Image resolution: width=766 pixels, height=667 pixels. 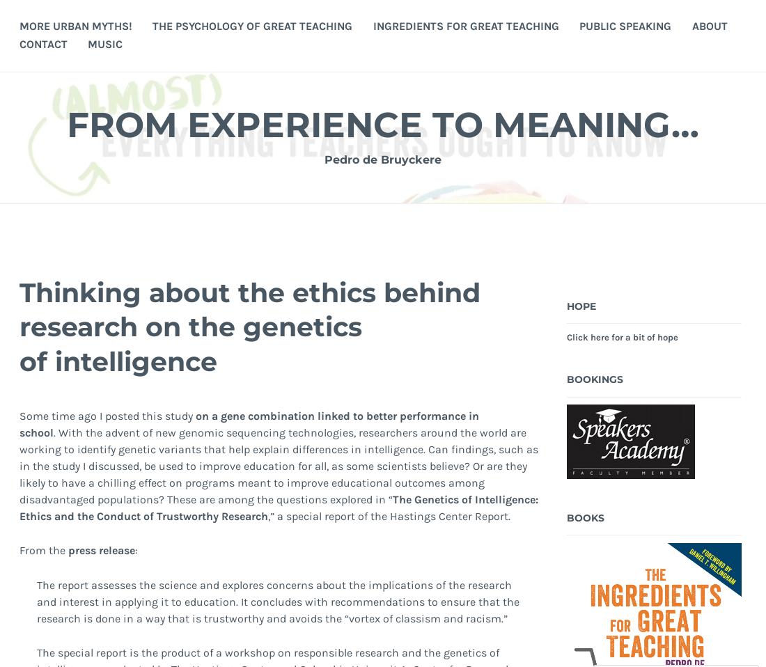 What do you see at coordinates (104, 42) in the screenshot?
I see `'Music'` at bounding box center [104, 42].